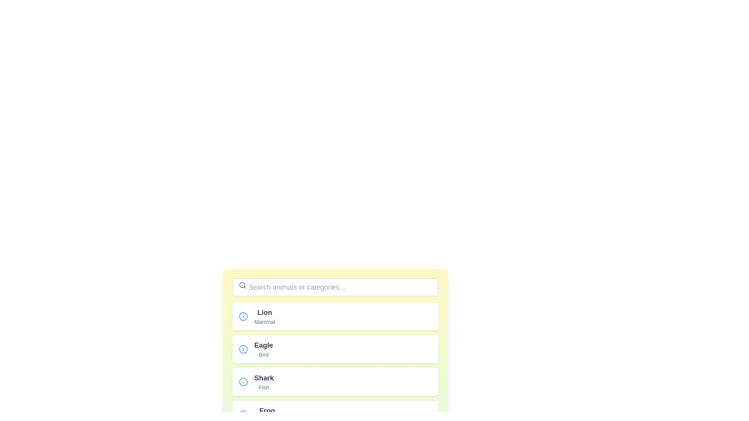  I want to click on the circular blue-bordered icon button with an exclamation mark symbol, positioned left of the text labels 'Lion' and 'Mammal' in the 'Lion Mammal' row for accessibility navigation, so click(243, 317).